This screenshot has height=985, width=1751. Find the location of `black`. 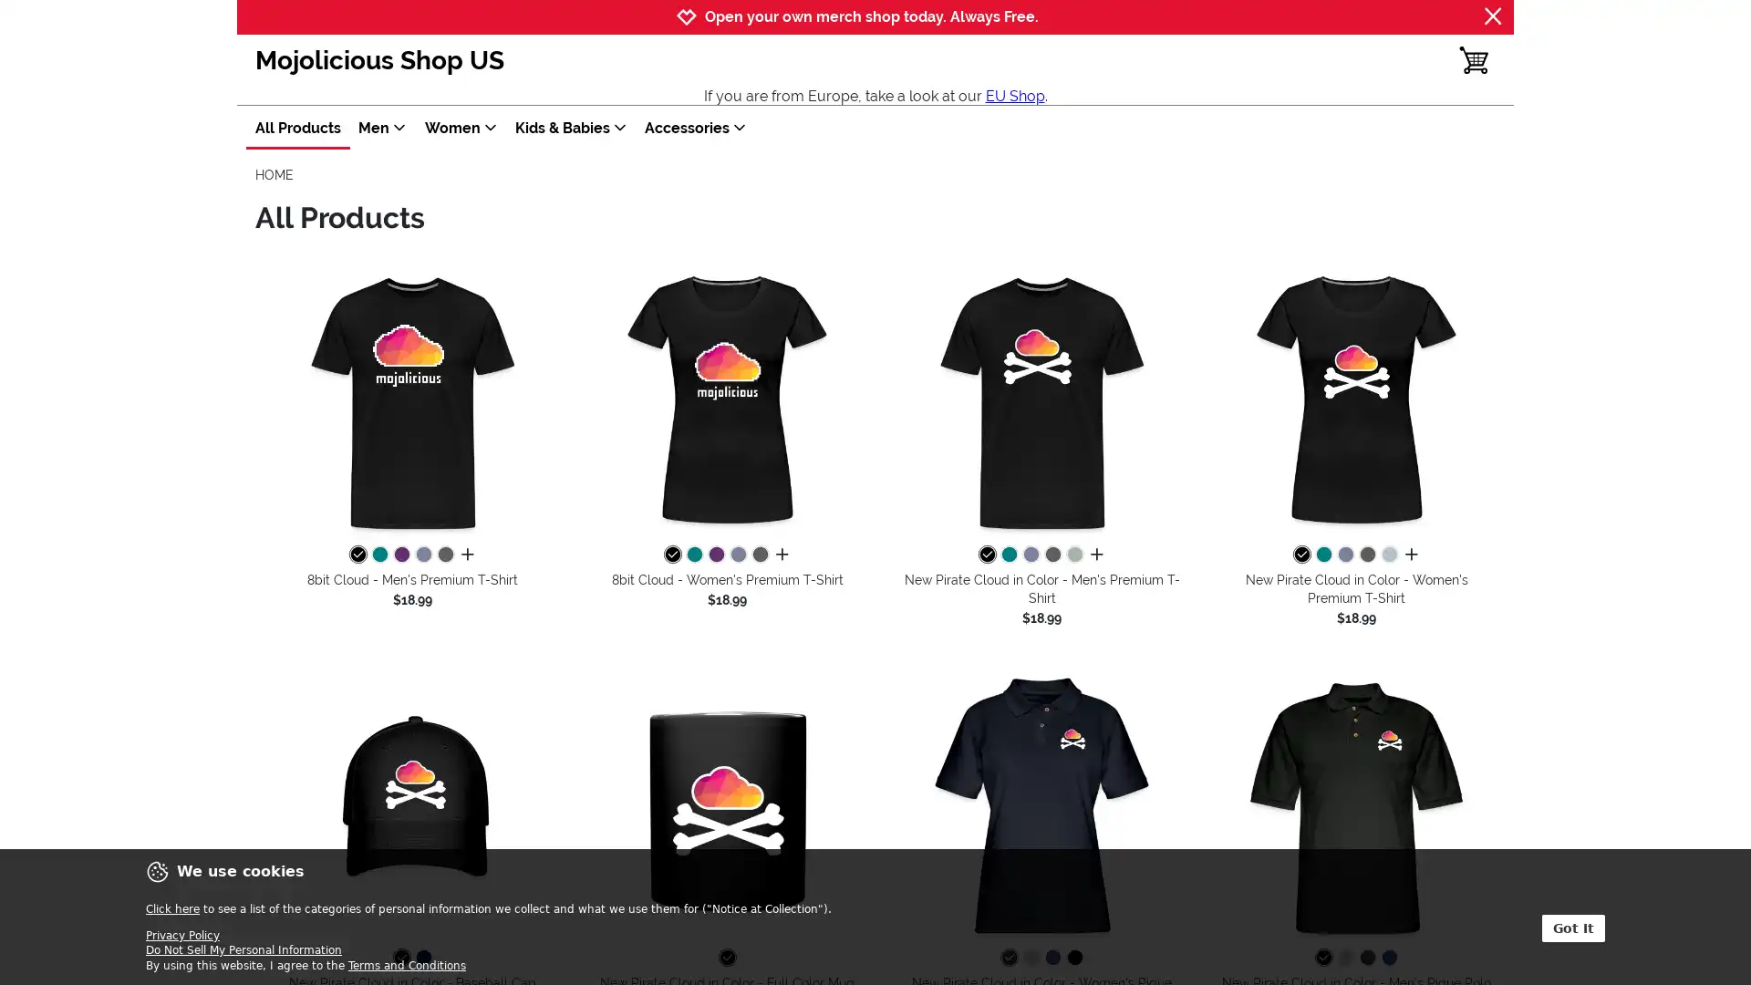

black is located at coordinates (357, 555).